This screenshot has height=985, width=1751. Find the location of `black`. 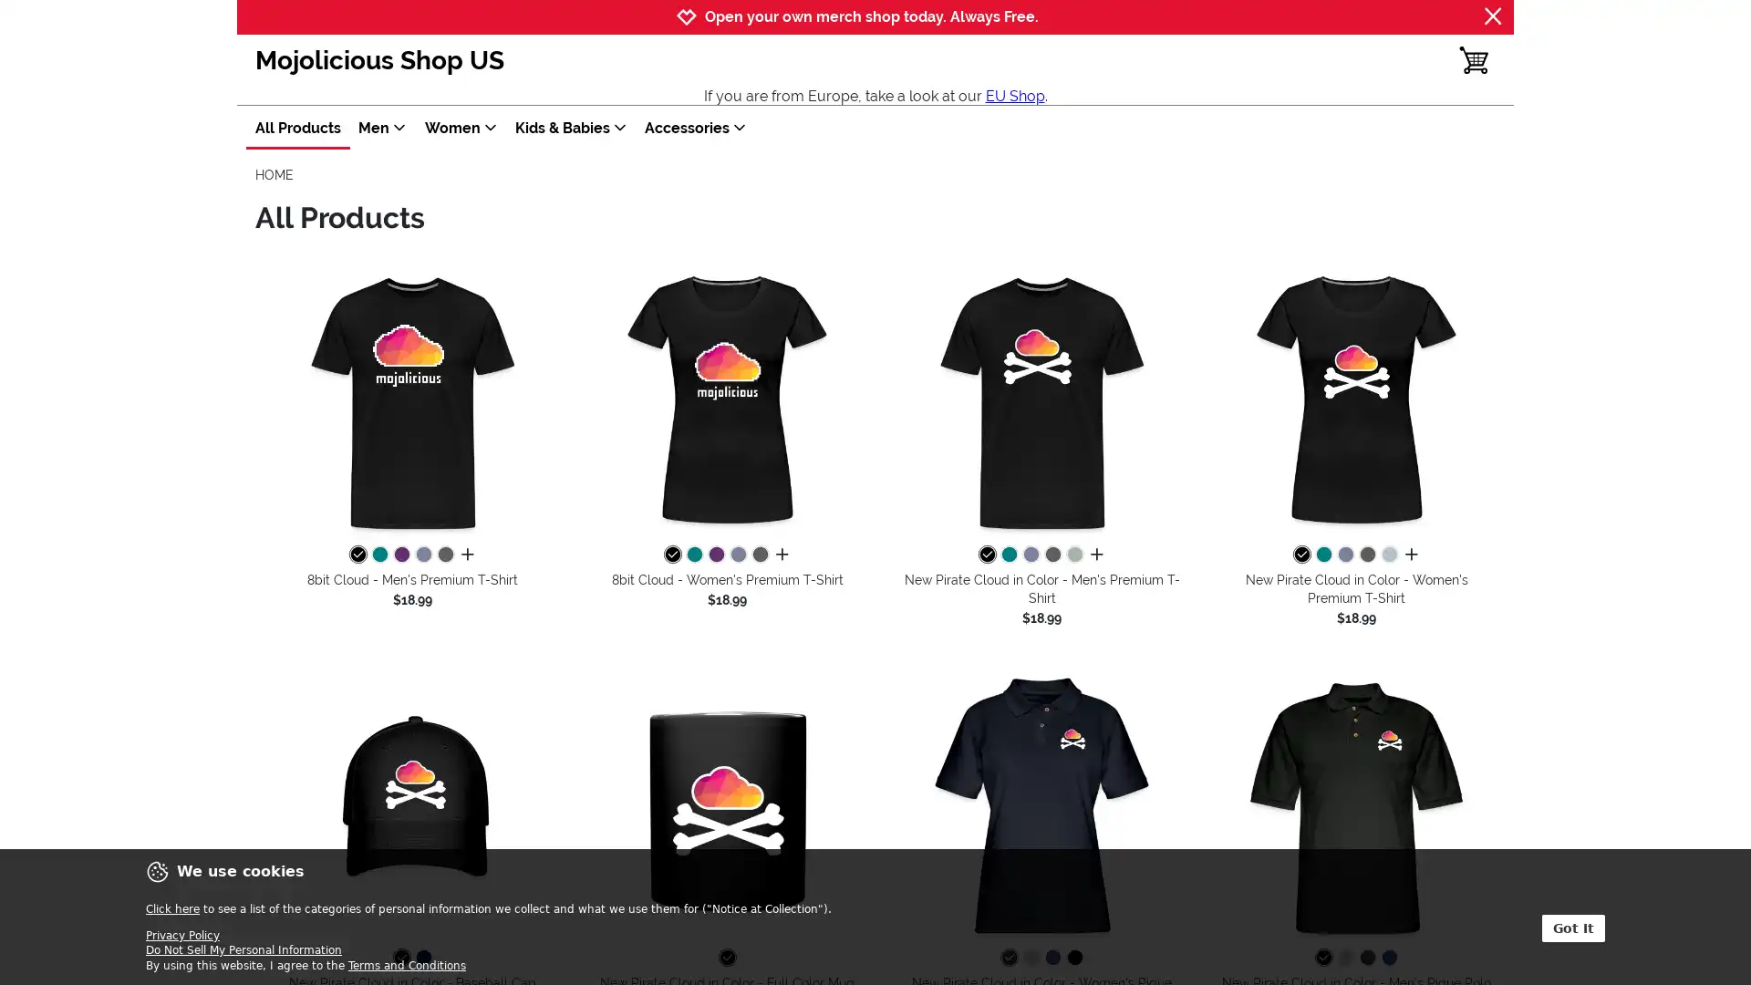

black is located at coordinates (357, 555).